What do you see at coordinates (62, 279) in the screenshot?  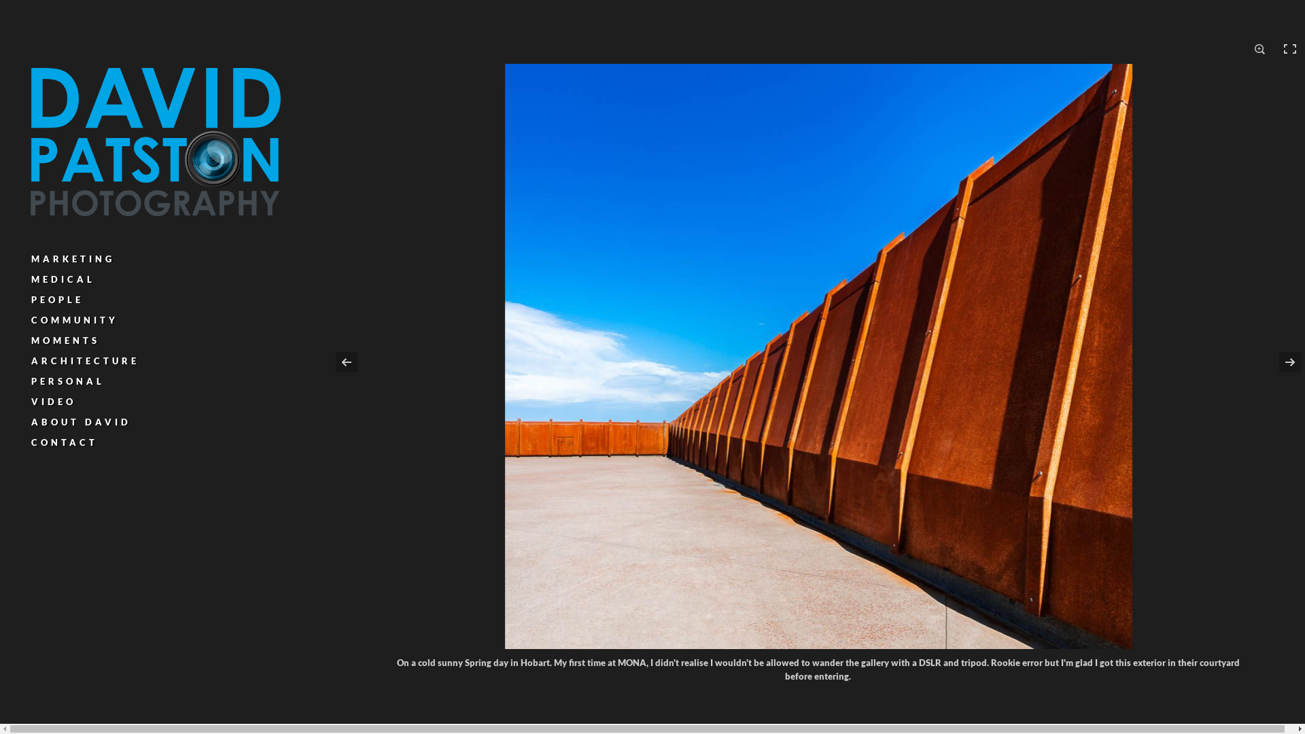 I see `'MEDICAL'` at bounding box center [62, 279].